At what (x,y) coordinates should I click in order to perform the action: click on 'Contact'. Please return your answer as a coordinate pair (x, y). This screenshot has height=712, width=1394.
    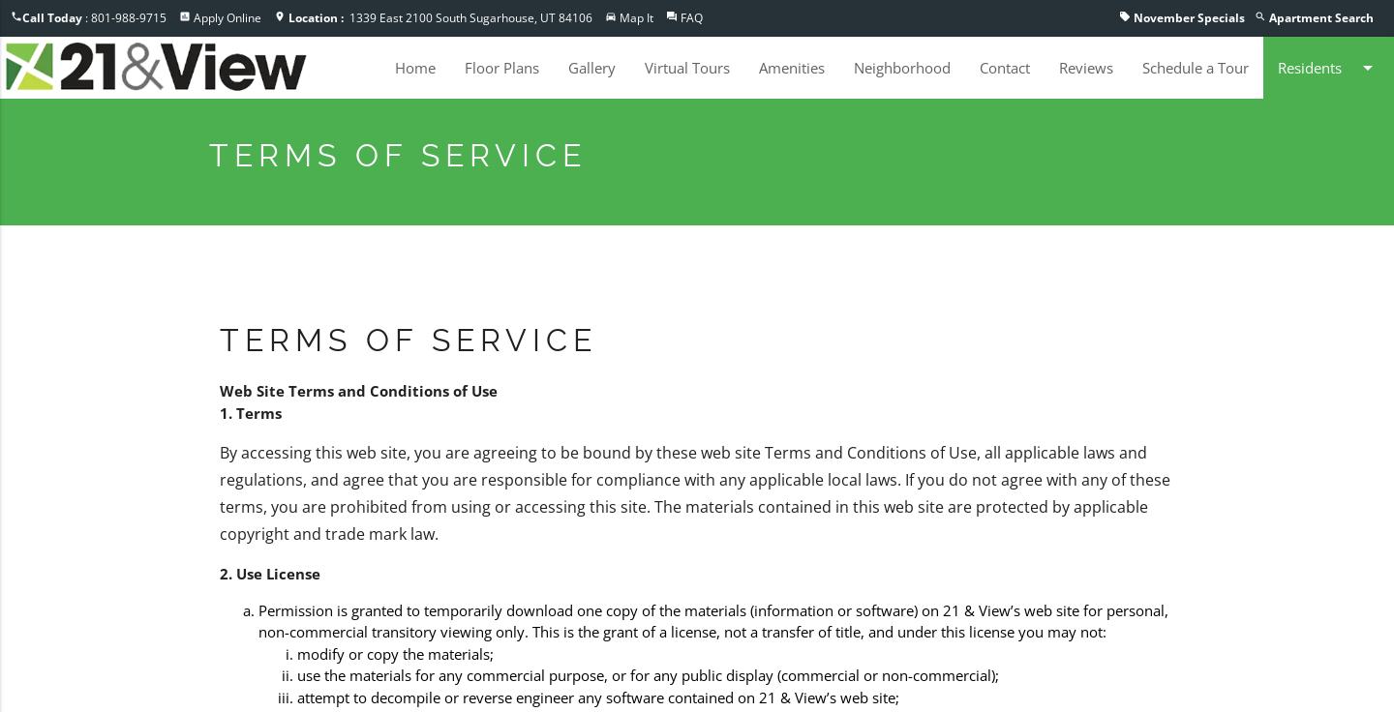
    Looking at the image, I should click on (1004, 67).